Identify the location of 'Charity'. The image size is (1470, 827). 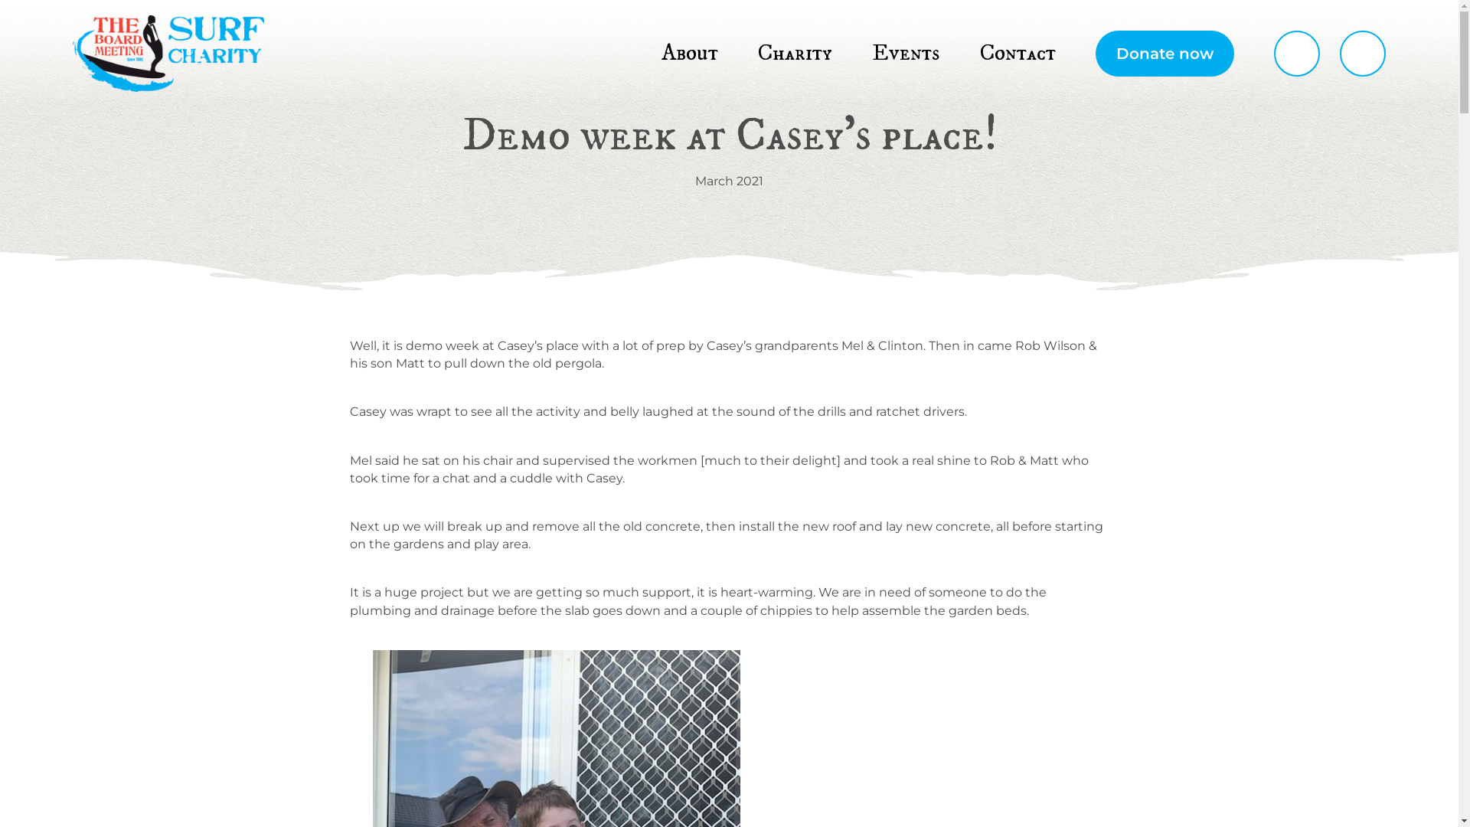
(795, 52).